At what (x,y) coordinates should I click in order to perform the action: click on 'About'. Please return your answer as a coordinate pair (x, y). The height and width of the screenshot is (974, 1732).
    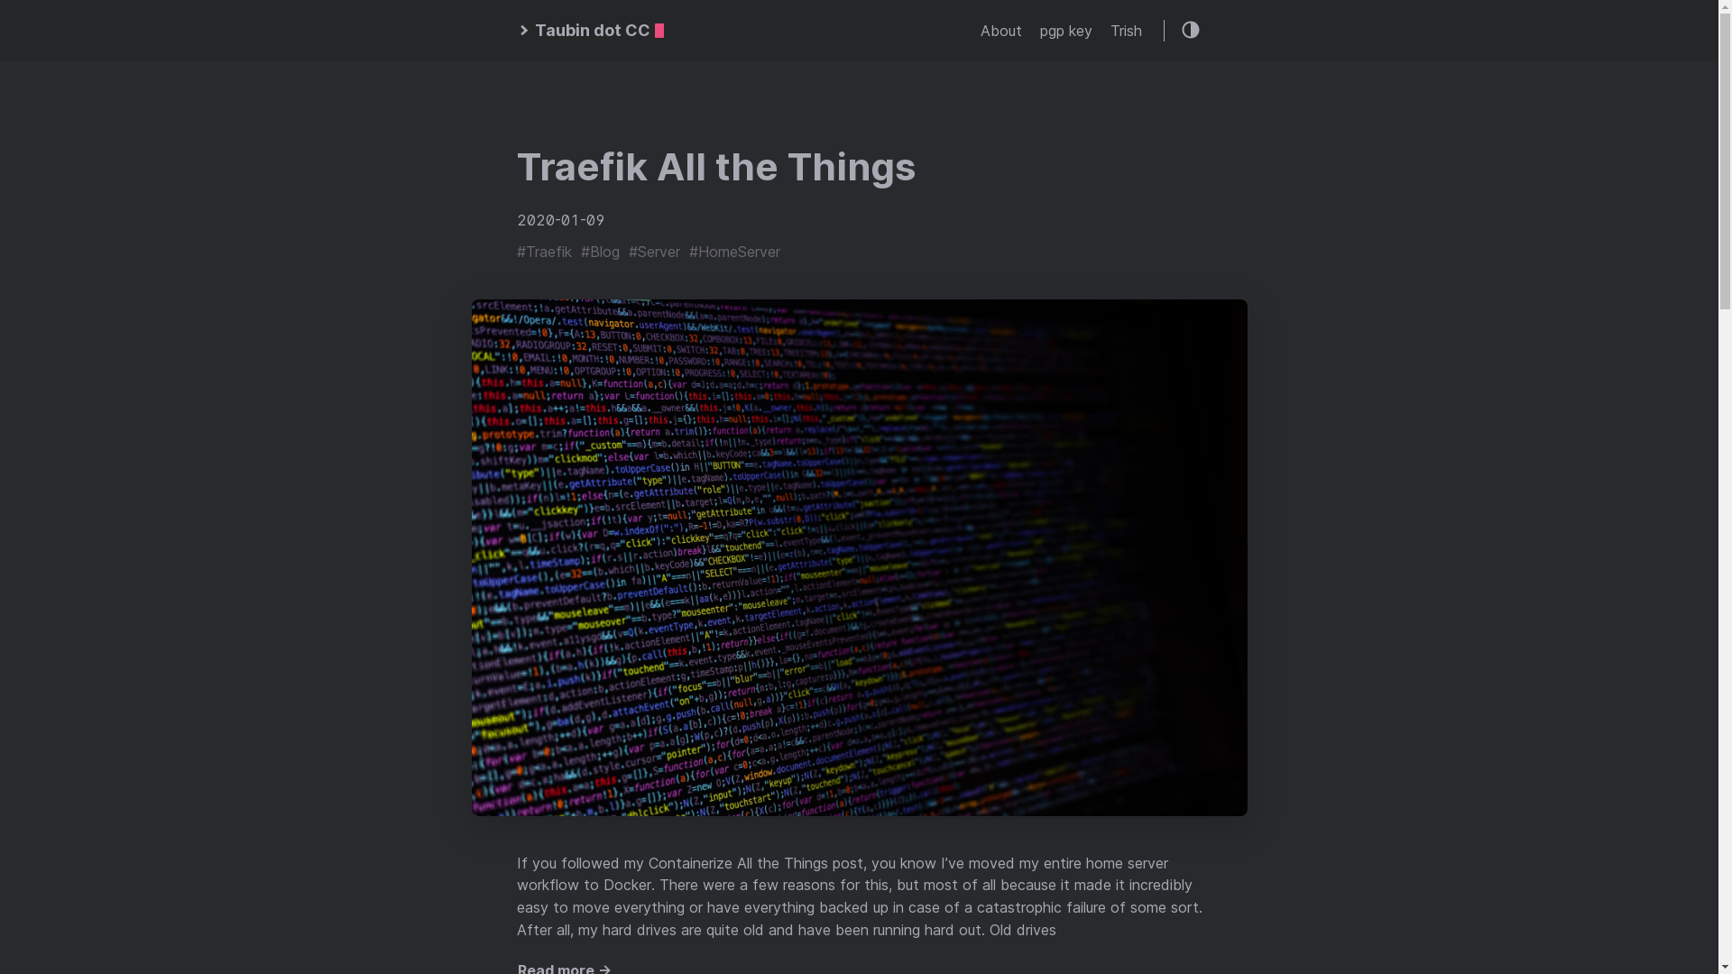
    Looking at the image, I should click on (999, 31).